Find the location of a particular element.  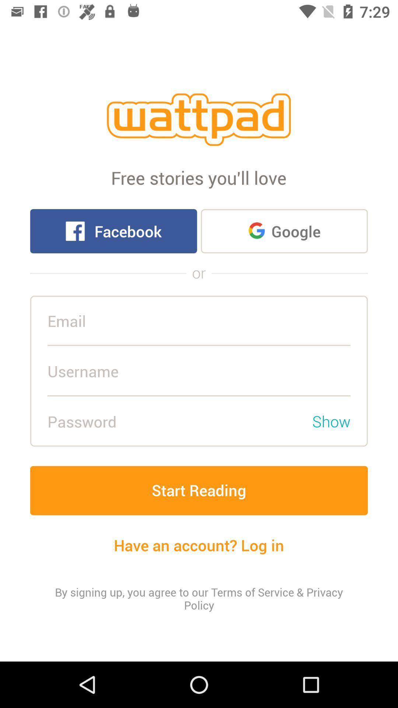

the start reading is located at coordinates (199, 490).